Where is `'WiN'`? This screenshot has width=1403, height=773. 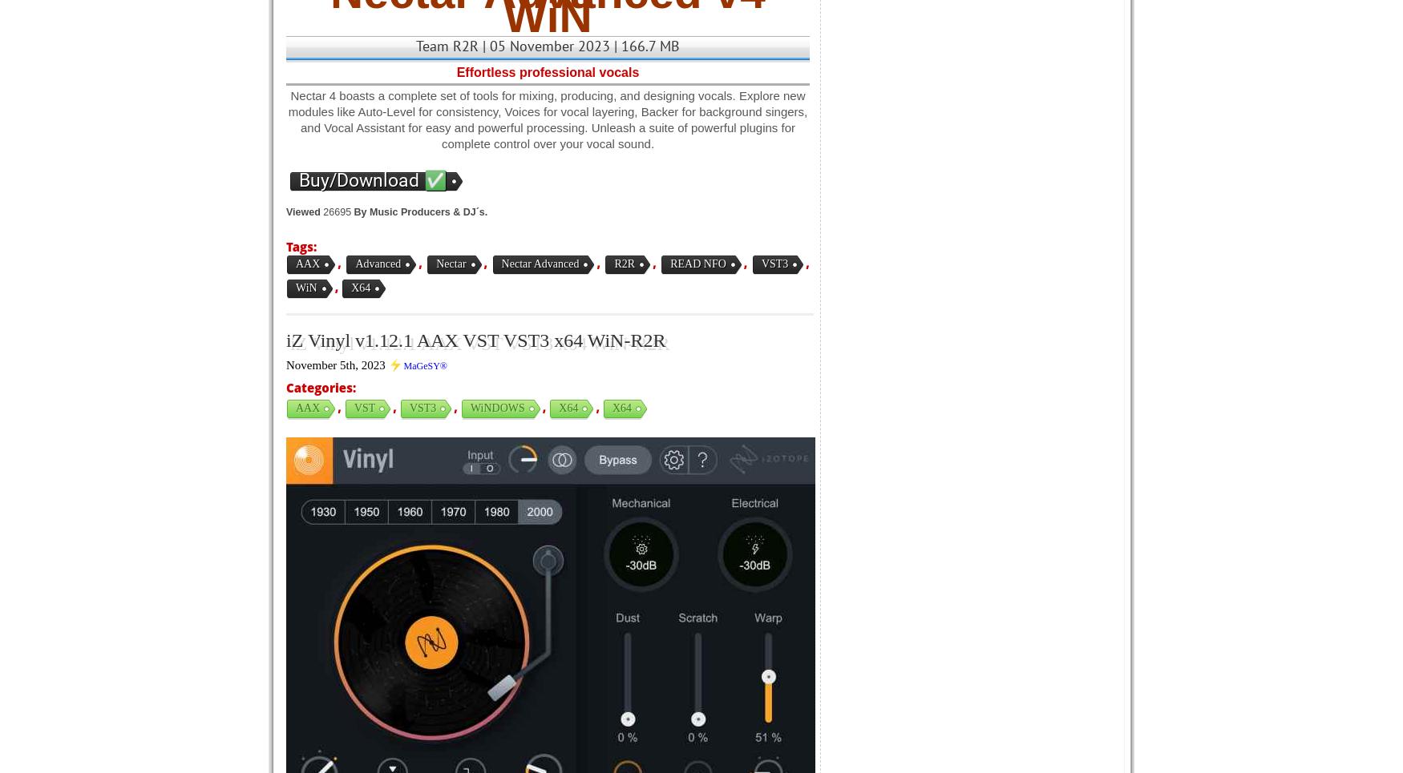
'WiN' is located at coordinates (305, 288).